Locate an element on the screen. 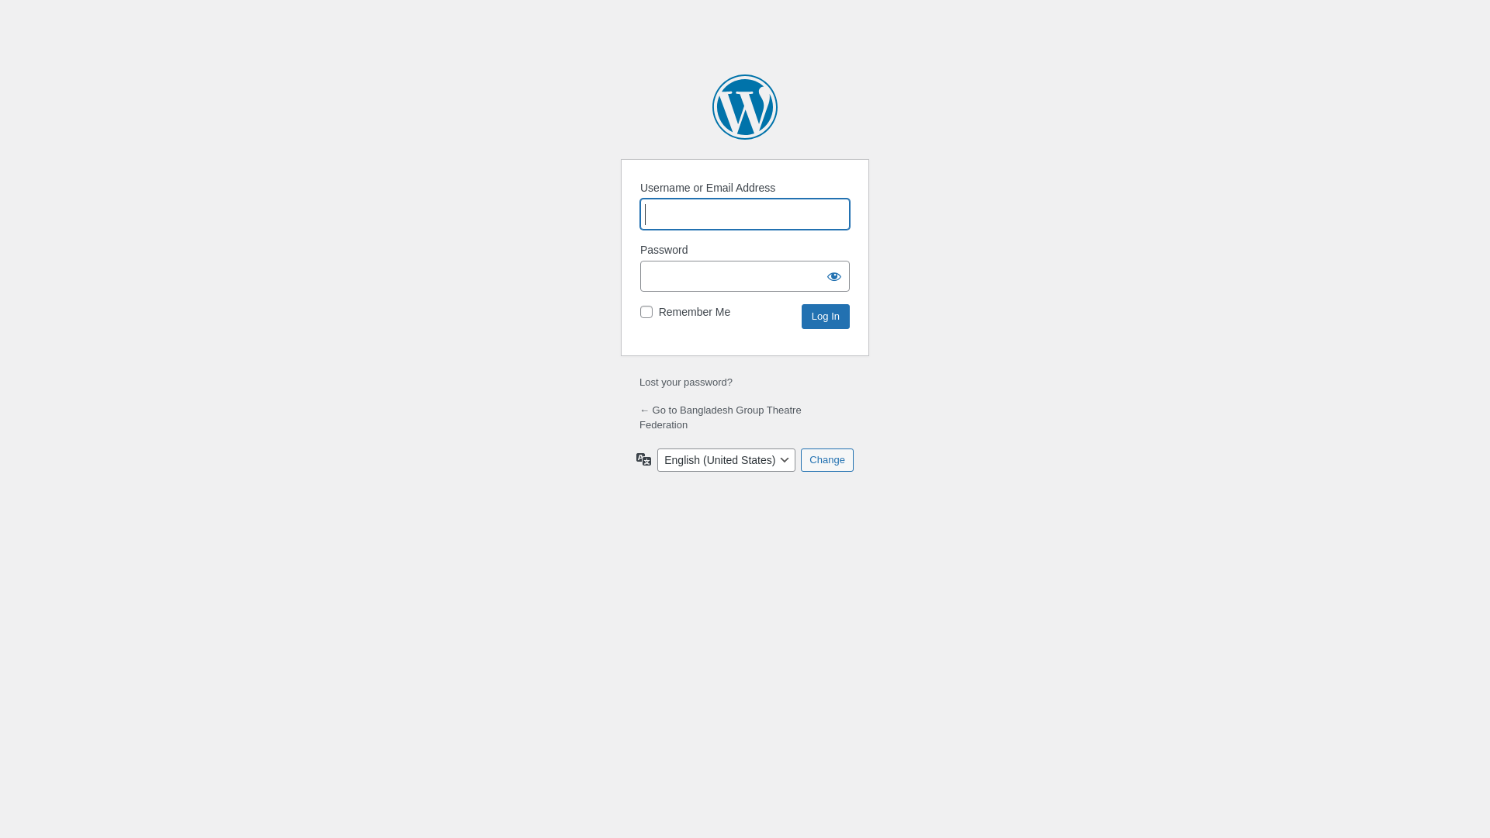  'Change' is located at coordinates (826, 459).